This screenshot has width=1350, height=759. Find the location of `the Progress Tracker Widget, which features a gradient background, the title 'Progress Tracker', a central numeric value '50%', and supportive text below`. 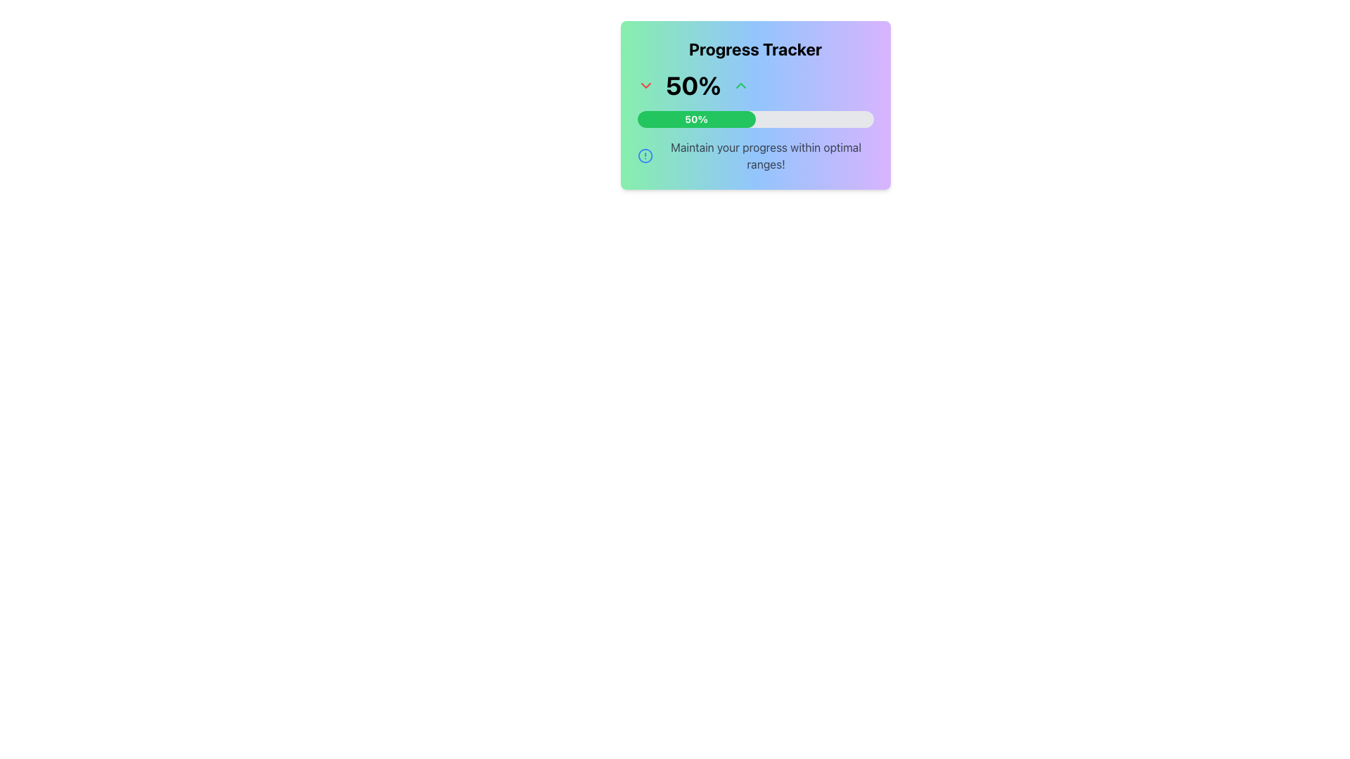

the Progress Tracker Widget, which features a gradient background, the title 'Progress Tracker', a central numeric value '50%', and supportive text below is located at coordinates (754, 105).